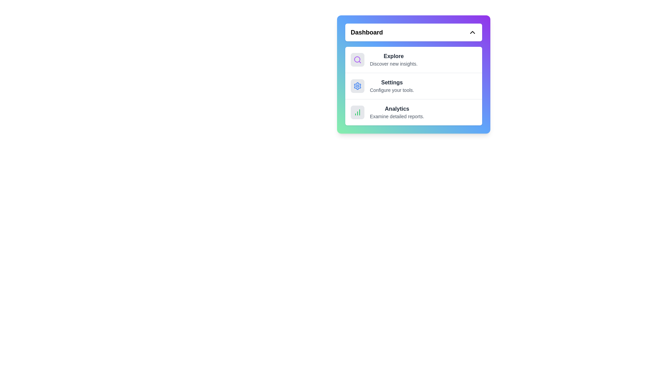 The width and height of the screenshot is (657, 369). Describe the element at coordinates (413, 85) in the screenshot. I see `the menu item Settings to see its hover effect` at that location.